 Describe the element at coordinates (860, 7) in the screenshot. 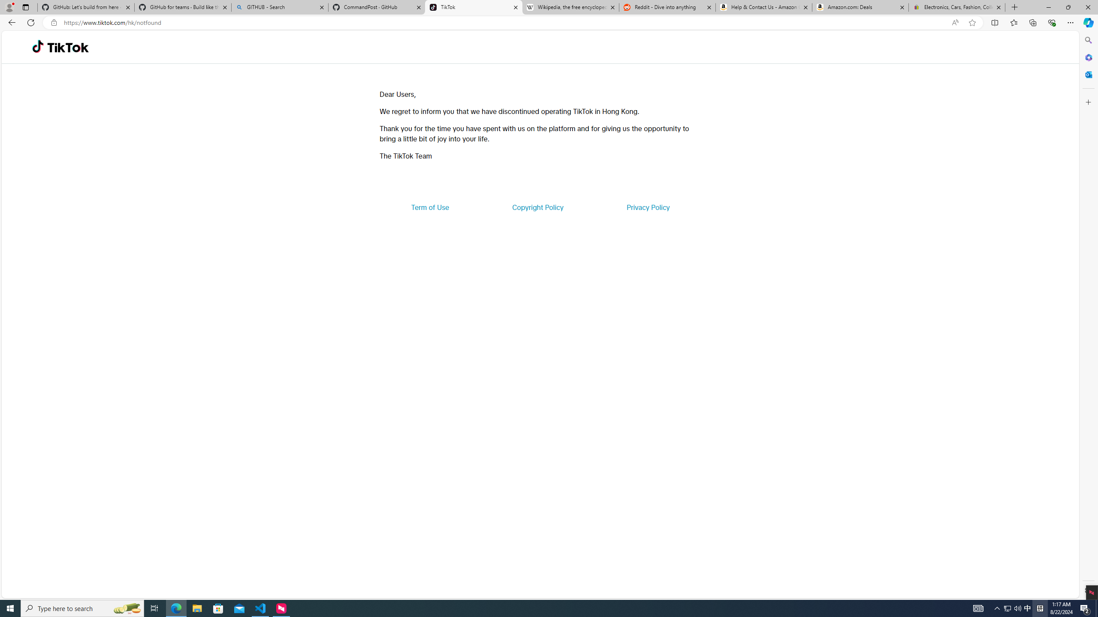

I see `'Amazon.com: Deals'` at that location.